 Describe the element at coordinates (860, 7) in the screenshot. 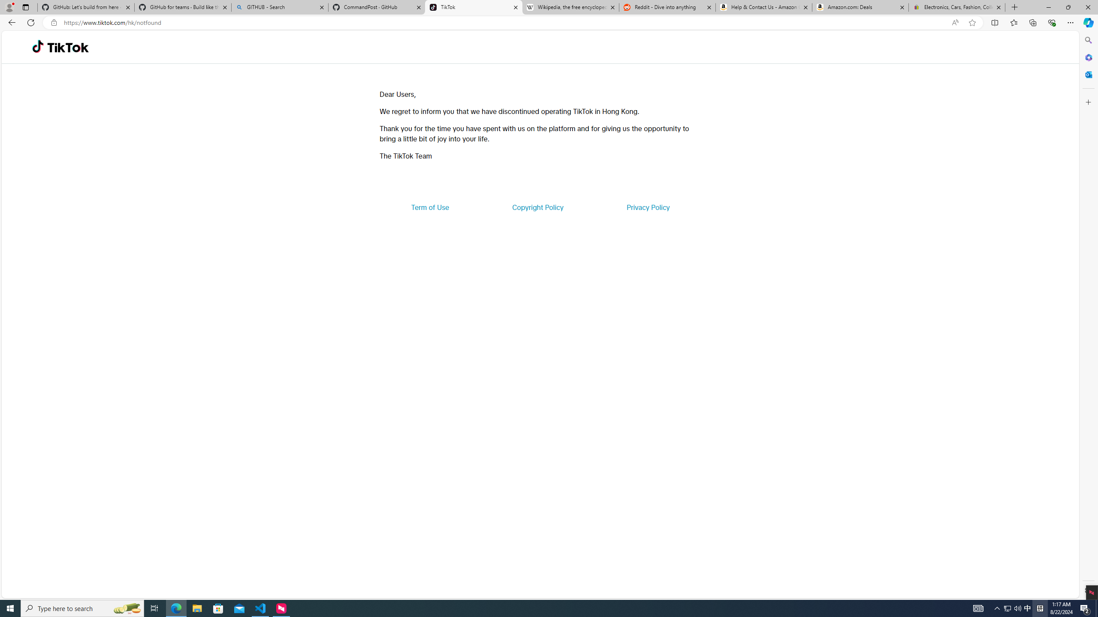

I see `'Amazon.com: Deals'` at that location.